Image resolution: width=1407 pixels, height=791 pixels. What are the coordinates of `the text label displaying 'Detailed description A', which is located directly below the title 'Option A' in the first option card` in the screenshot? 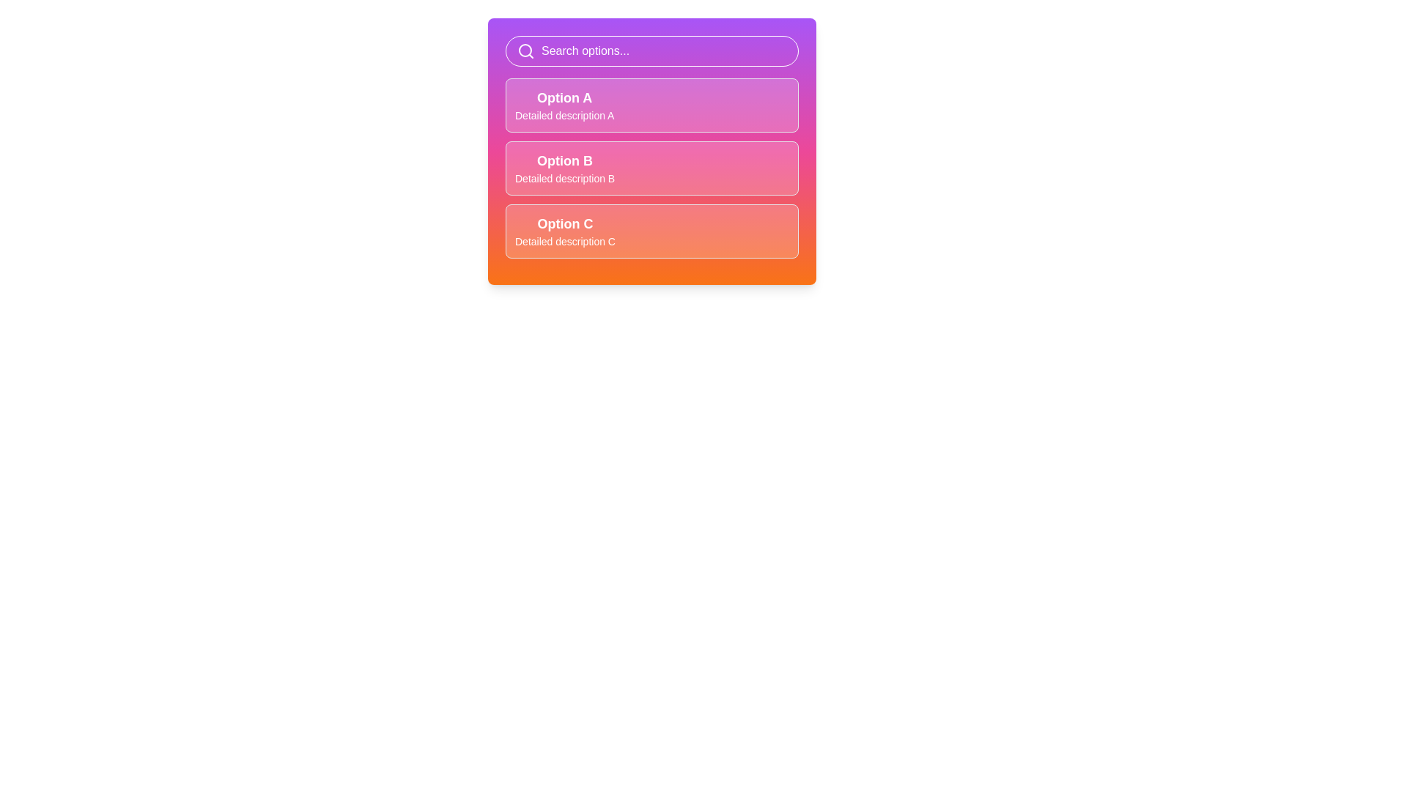 It's located at (564, 115).